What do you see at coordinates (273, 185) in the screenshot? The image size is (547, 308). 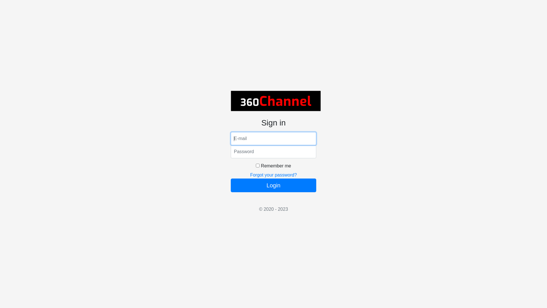 I see `'Login'` at bounding box center [273, 185].